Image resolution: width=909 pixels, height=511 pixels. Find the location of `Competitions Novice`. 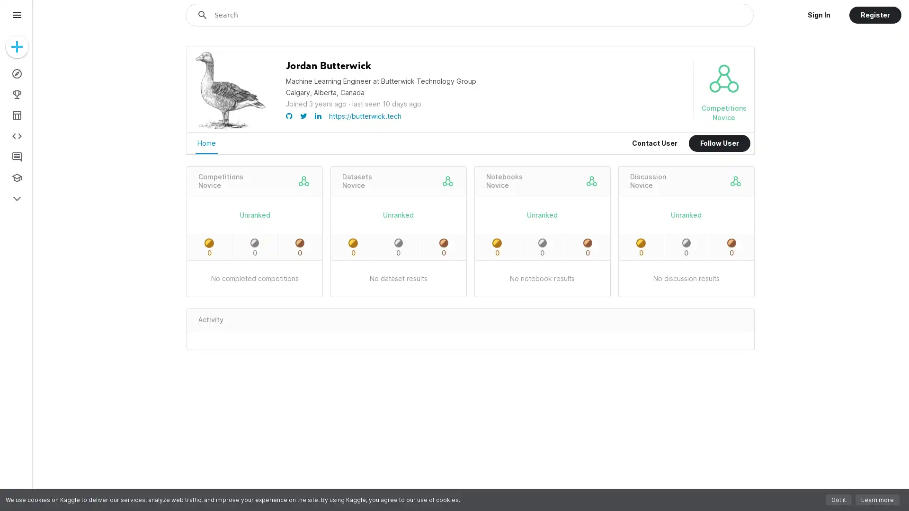

Competitions Novice is located at coordinates (220, 181).